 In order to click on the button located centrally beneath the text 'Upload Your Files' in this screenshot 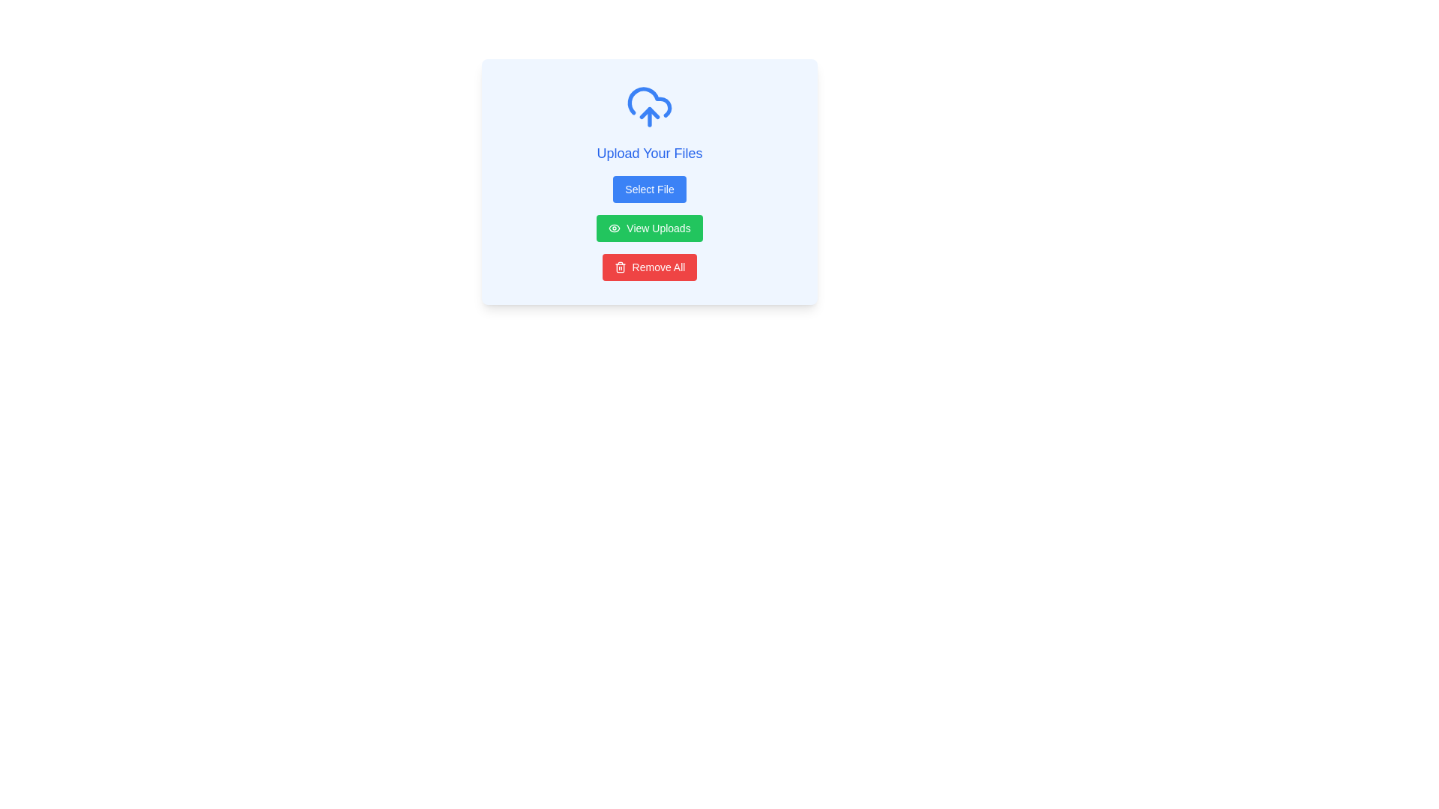, I will do `click(650, 181)`.